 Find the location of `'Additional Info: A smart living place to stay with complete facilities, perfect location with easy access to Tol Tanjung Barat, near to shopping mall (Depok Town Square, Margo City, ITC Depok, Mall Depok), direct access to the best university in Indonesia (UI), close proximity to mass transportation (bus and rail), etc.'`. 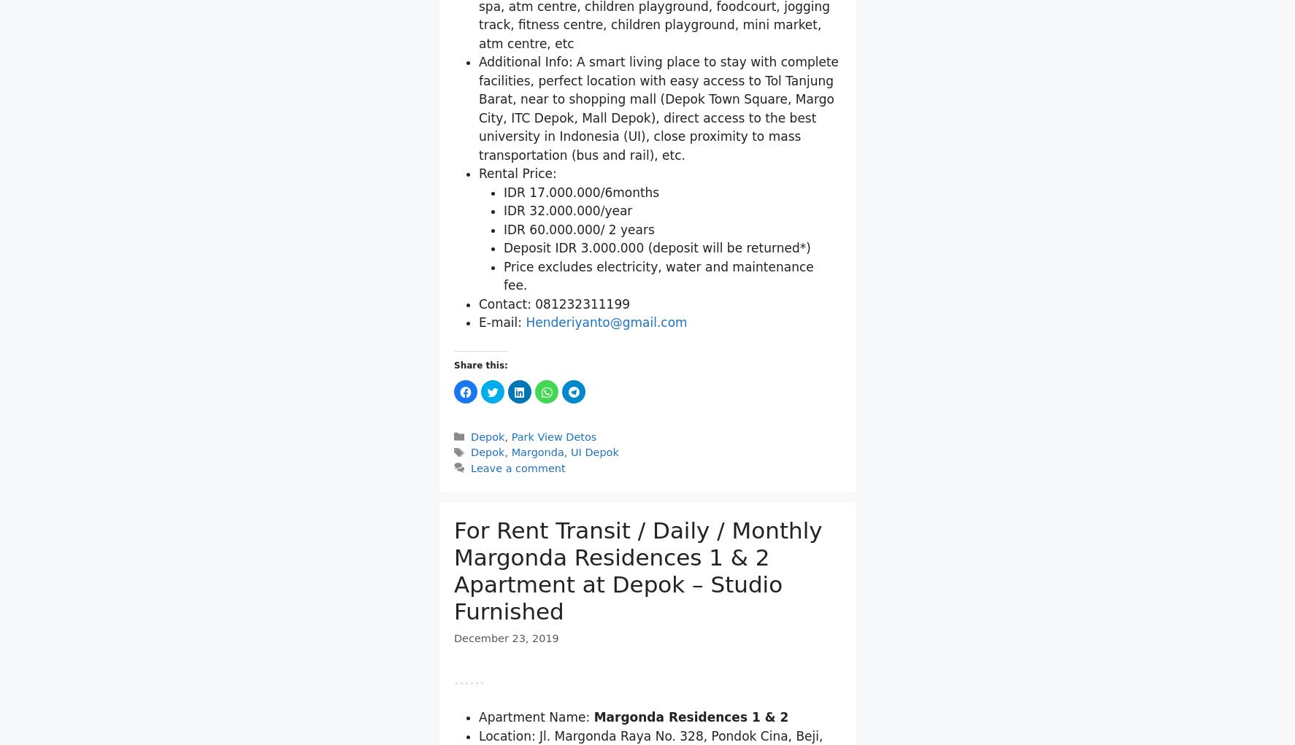

'Additional Info: A smart living place to stay with complete facilities, perfect location with easy access to Tol Tanjung Barat, near to shopping mall (Depok Town Square, Margo City, ITC Depok, Mall Depok), direct access to the best university in Indonesia (UI), close proximity to mass transportation (bus and rail), etc.' is located at coordinates (479, 278).